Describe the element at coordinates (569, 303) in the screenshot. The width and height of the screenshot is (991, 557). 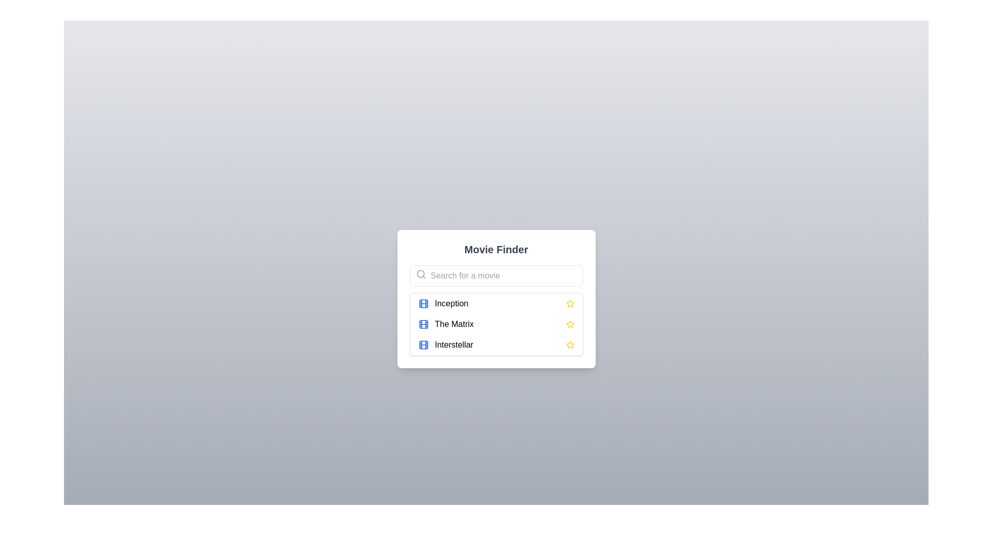
I see `the interactive rating button located on the far-right side of the row labeled 'Inception'` at that location.